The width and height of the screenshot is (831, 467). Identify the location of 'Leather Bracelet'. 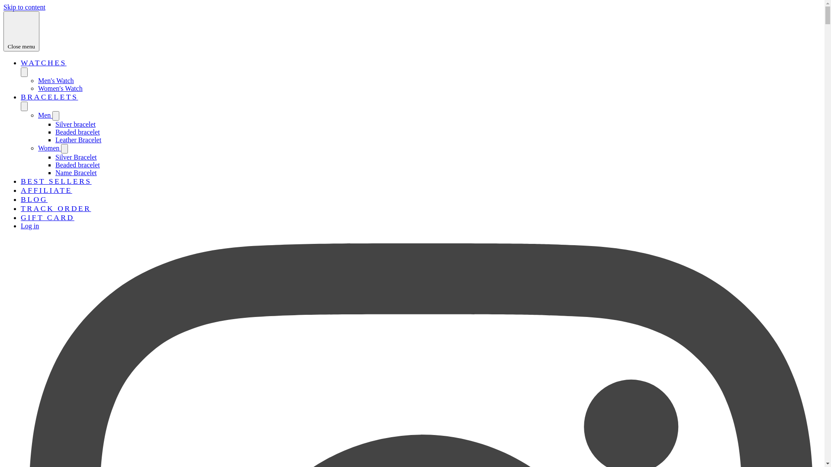
(55, 139).